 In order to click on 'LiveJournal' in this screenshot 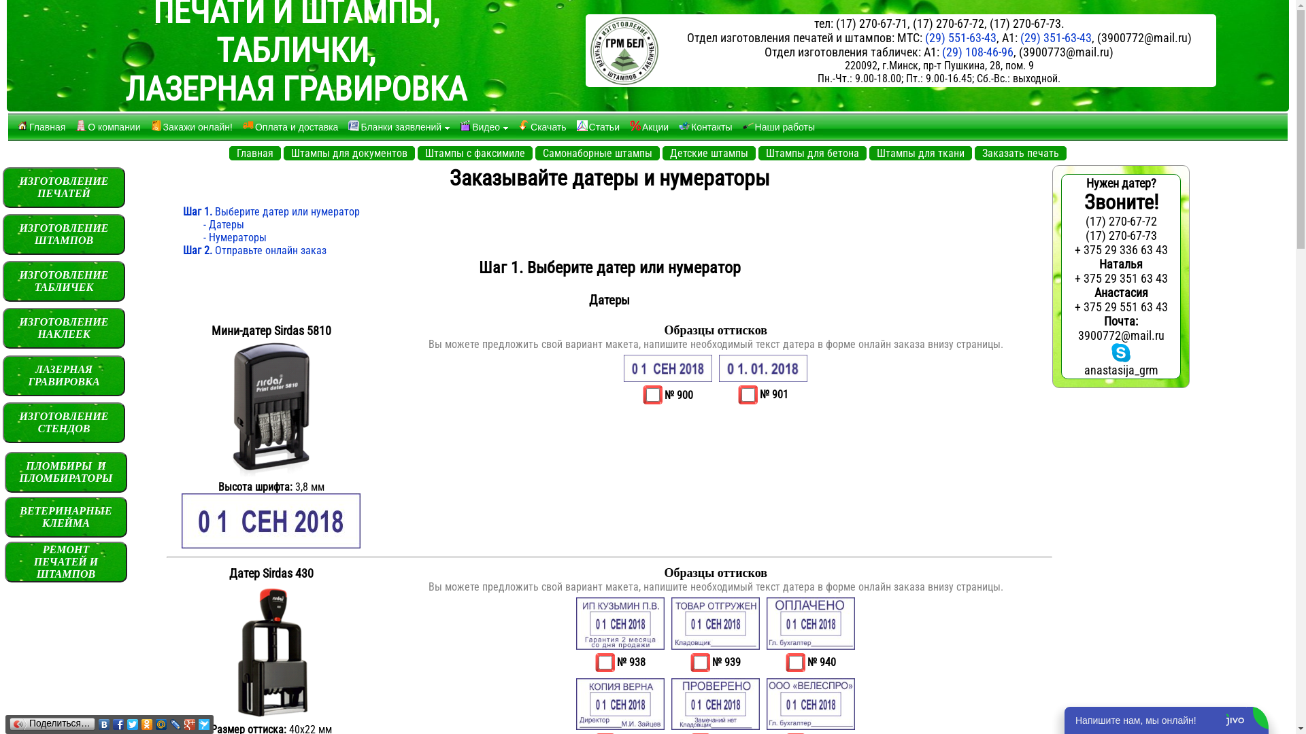, I will do `click(175, 723)`.